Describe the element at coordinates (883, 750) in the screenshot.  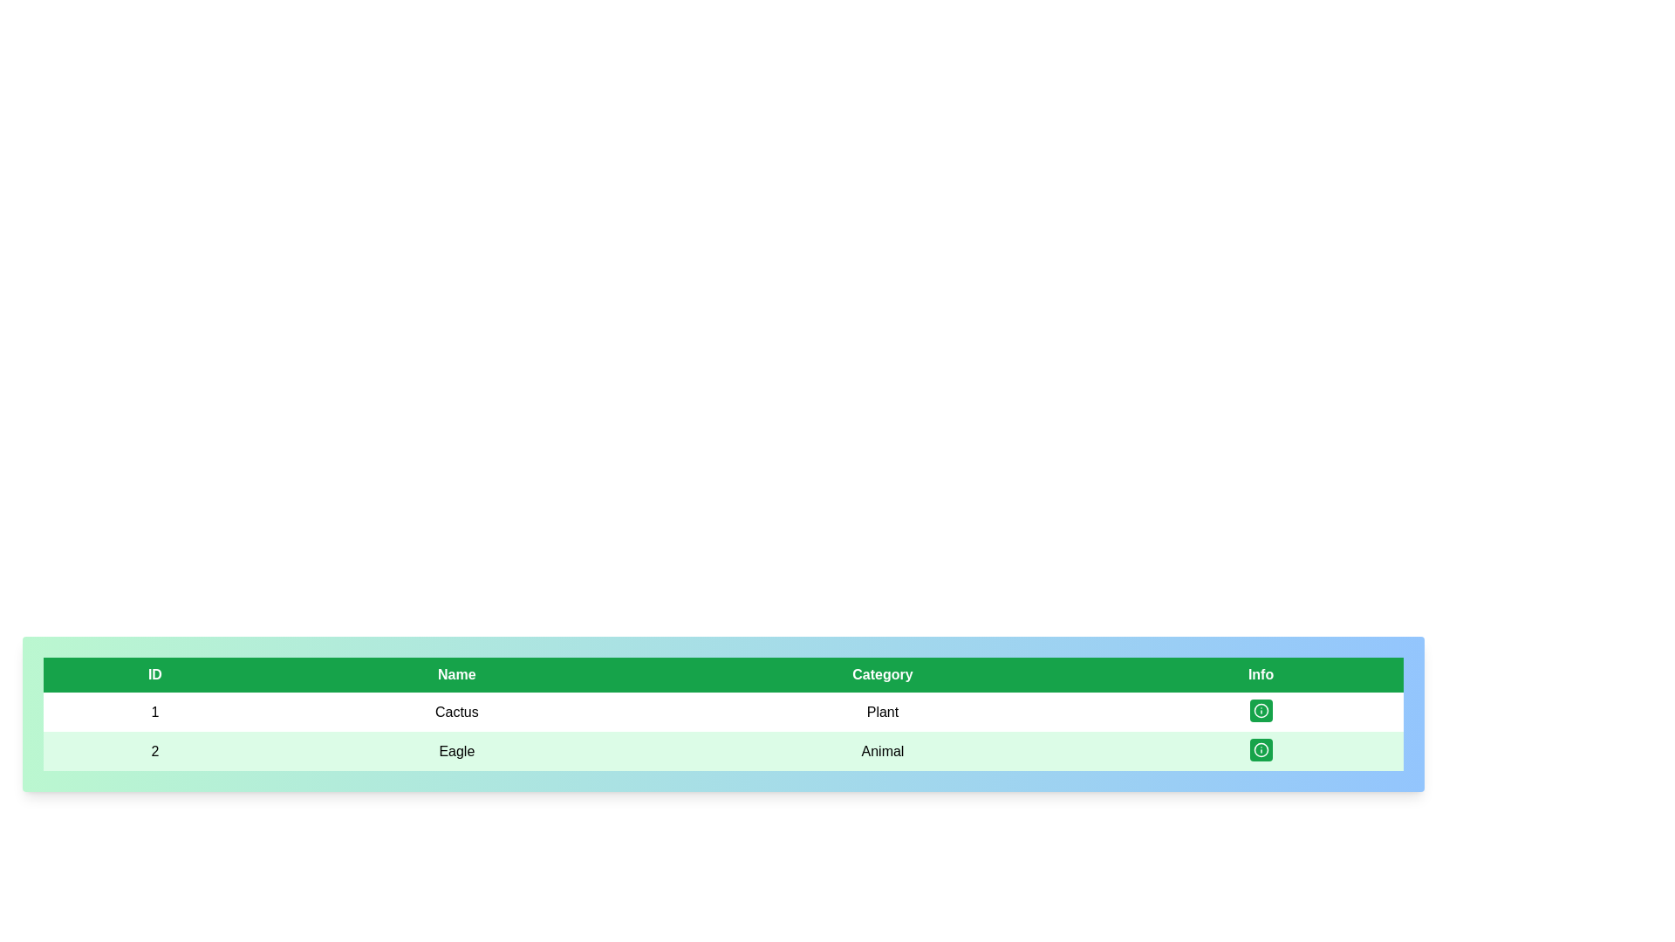
I see `the text label displaying 'Animal' with center-aligned black text in a light mint green background, located in the third position of a table row under the 'Category' column for entry ID '2'` at that location.